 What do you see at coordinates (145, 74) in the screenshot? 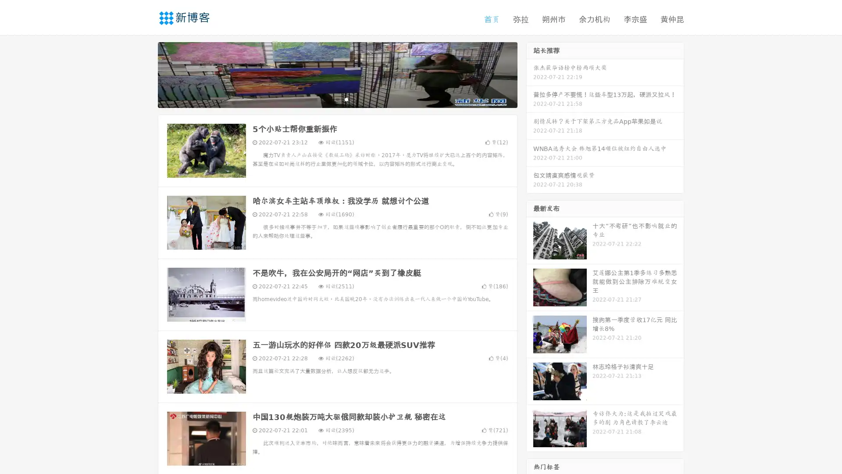
I see `Previous slide` at bounding box center [145, 74].